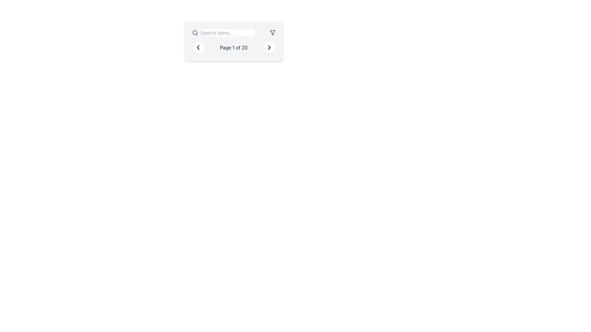 The image size is (591, 332). Describe the element at coordinates (269, 47) in the screenshot. I see `the navigation button that allows users to go to the next page in a paginated view, located at the rightmost position of the button layout` at that location.